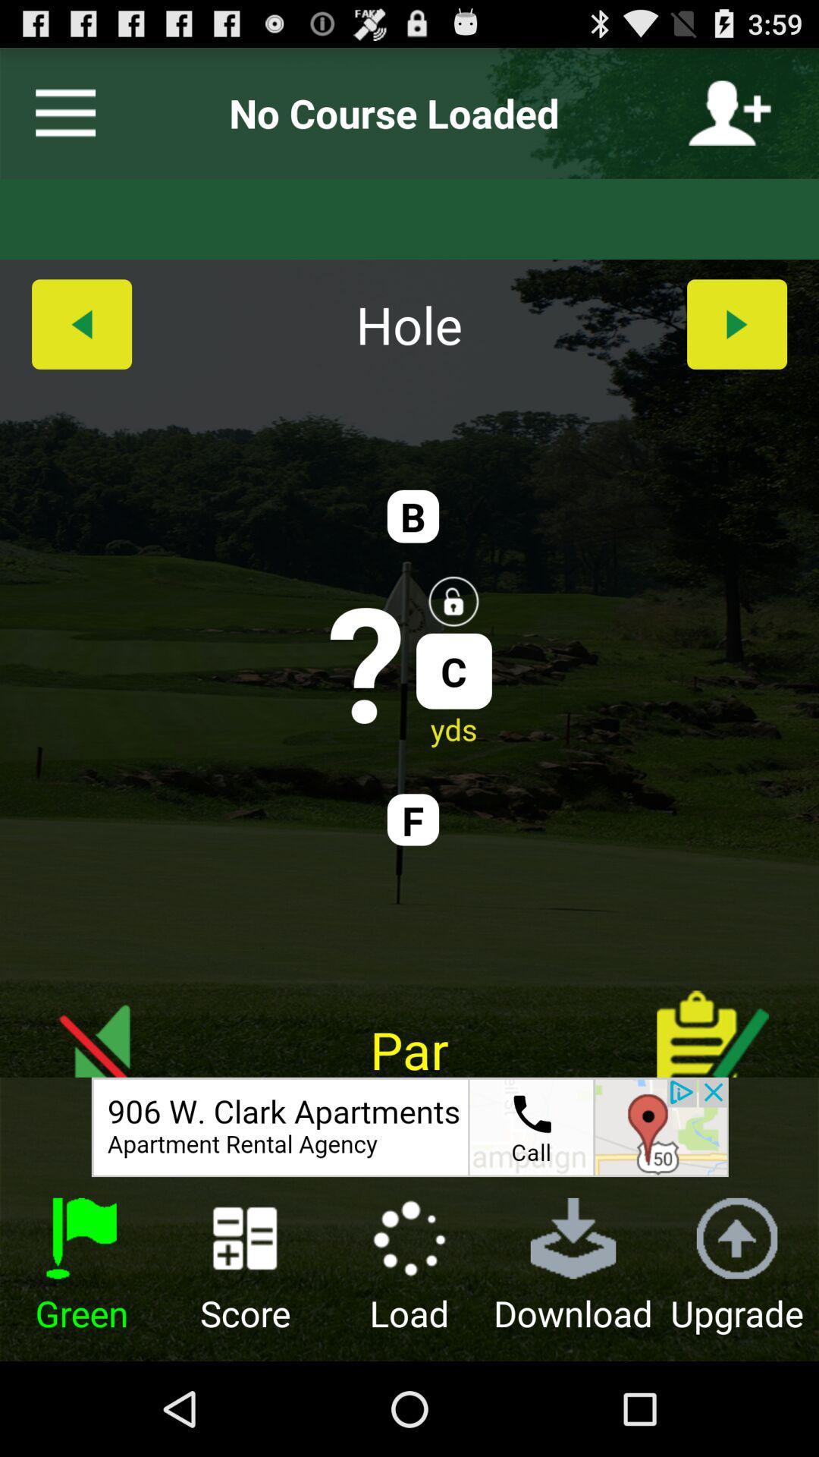 This screenshot has height=1457, width=819. Describe the element at coordinates (409, 1127) in the screenshot. I see `advertisement` at that location.